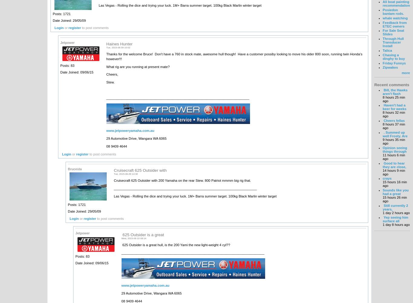 This screenshot has width=413, height=303. What do you see at coordinates (382, 199) in the screenshot?
I see `'15 hours 26 min ago'` at bounding box center [382, 199].